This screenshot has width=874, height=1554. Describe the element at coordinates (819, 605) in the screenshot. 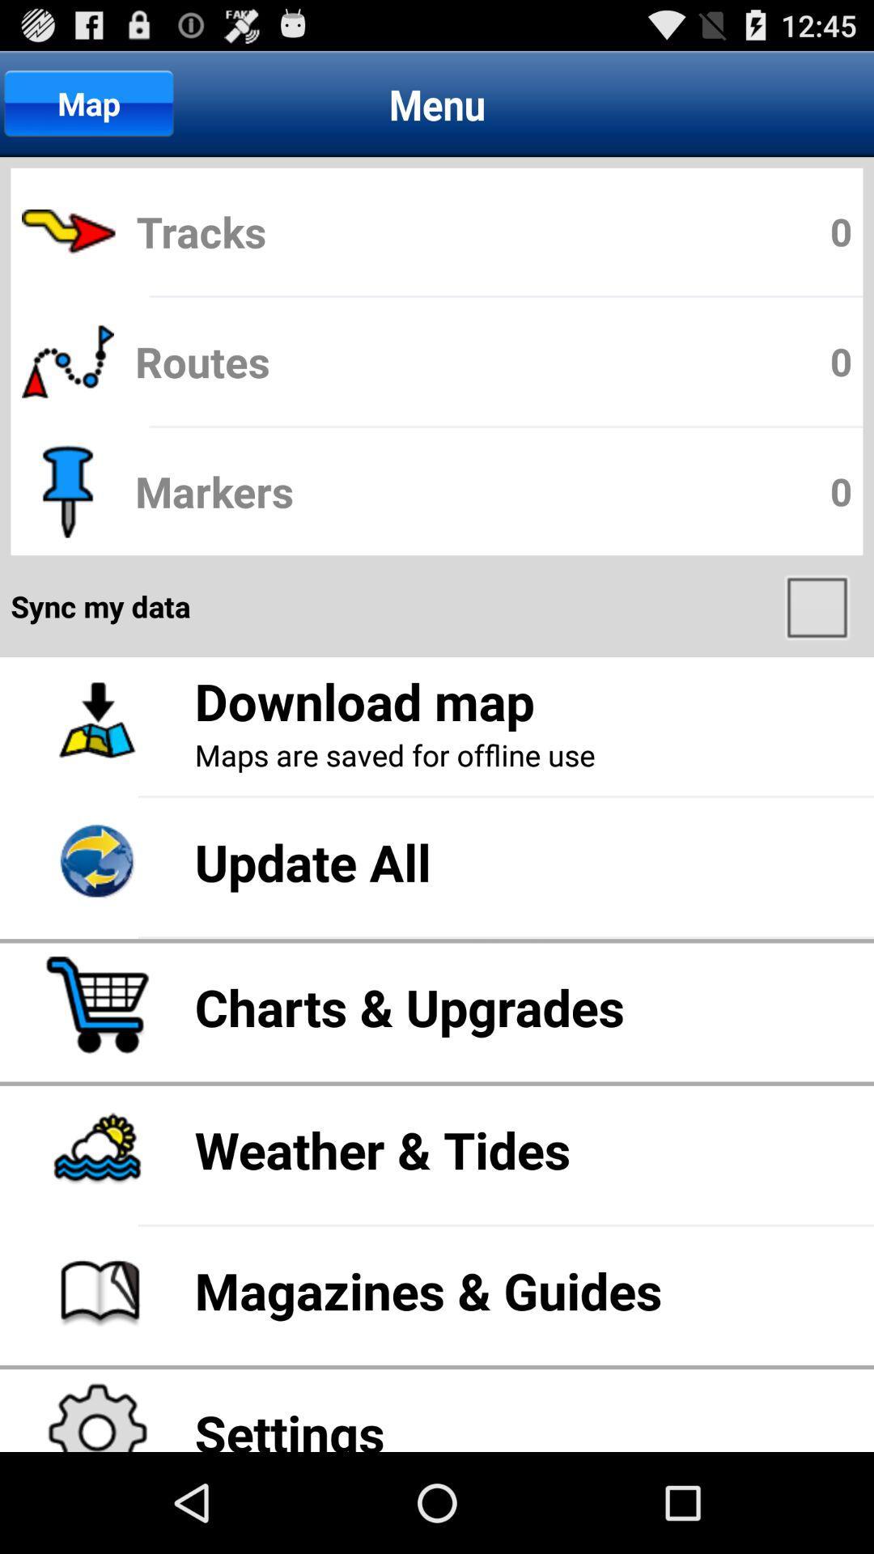

I see `app below markers icon` at that location.